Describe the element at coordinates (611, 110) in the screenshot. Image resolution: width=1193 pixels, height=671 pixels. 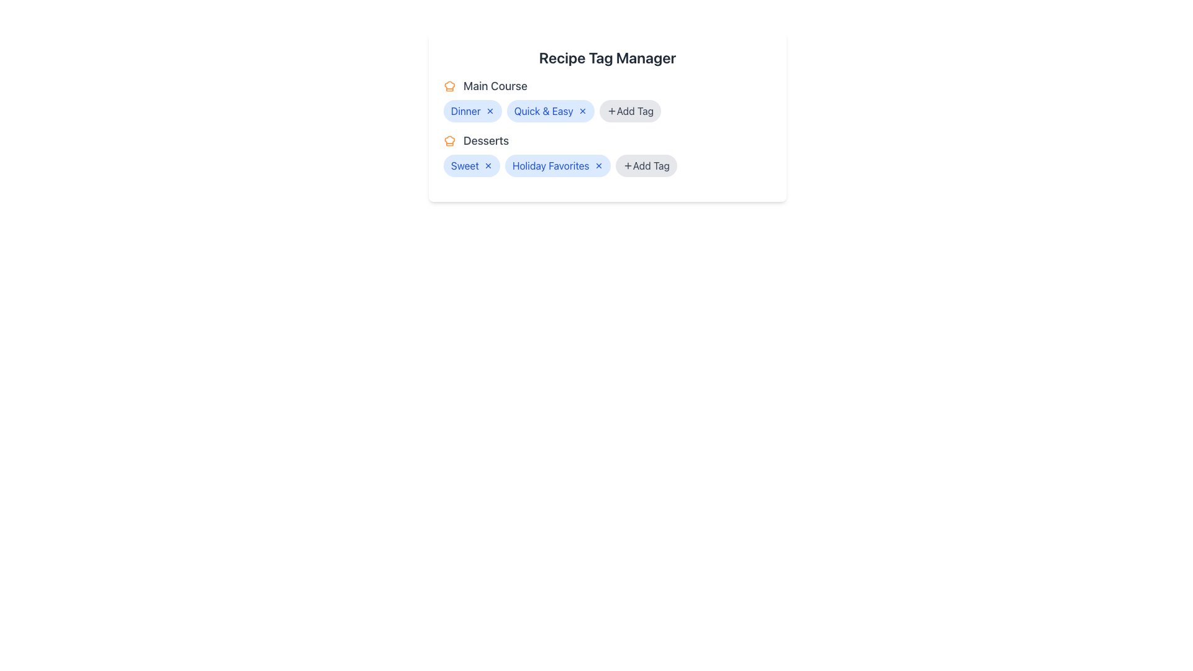
I see `the '+' icon within the 'Add Tag' button` at that location.